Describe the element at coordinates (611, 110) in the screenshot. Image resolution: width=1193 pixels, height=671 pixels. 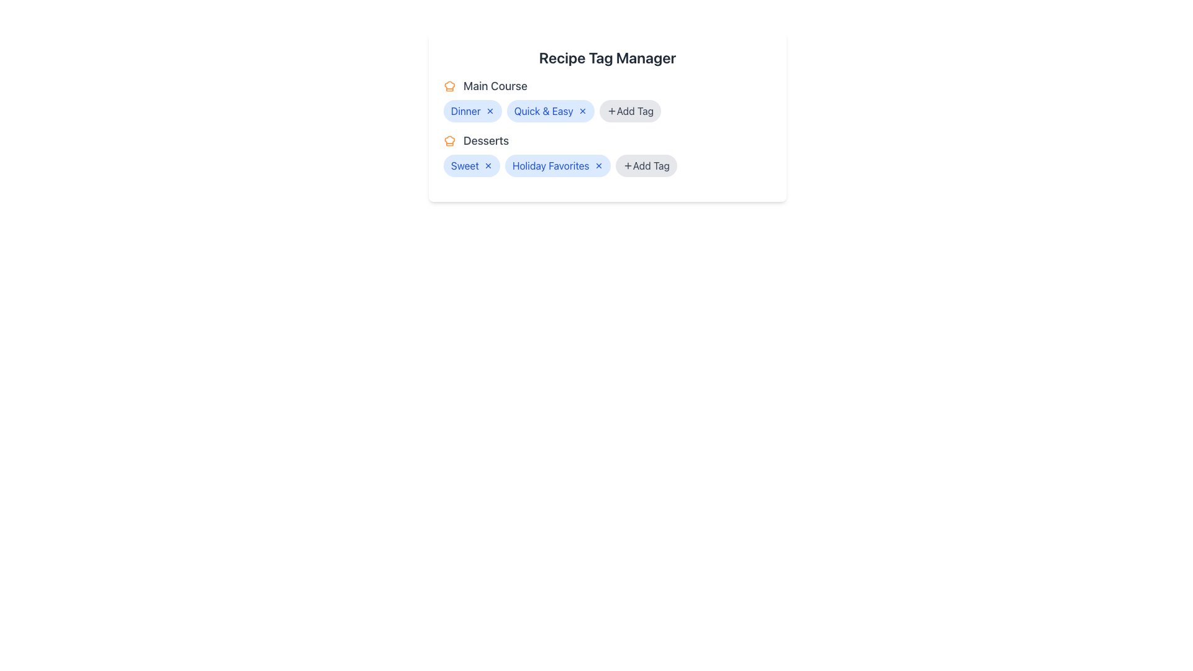
I see `the '+' icon within the 'Add Tag' button` at that location.